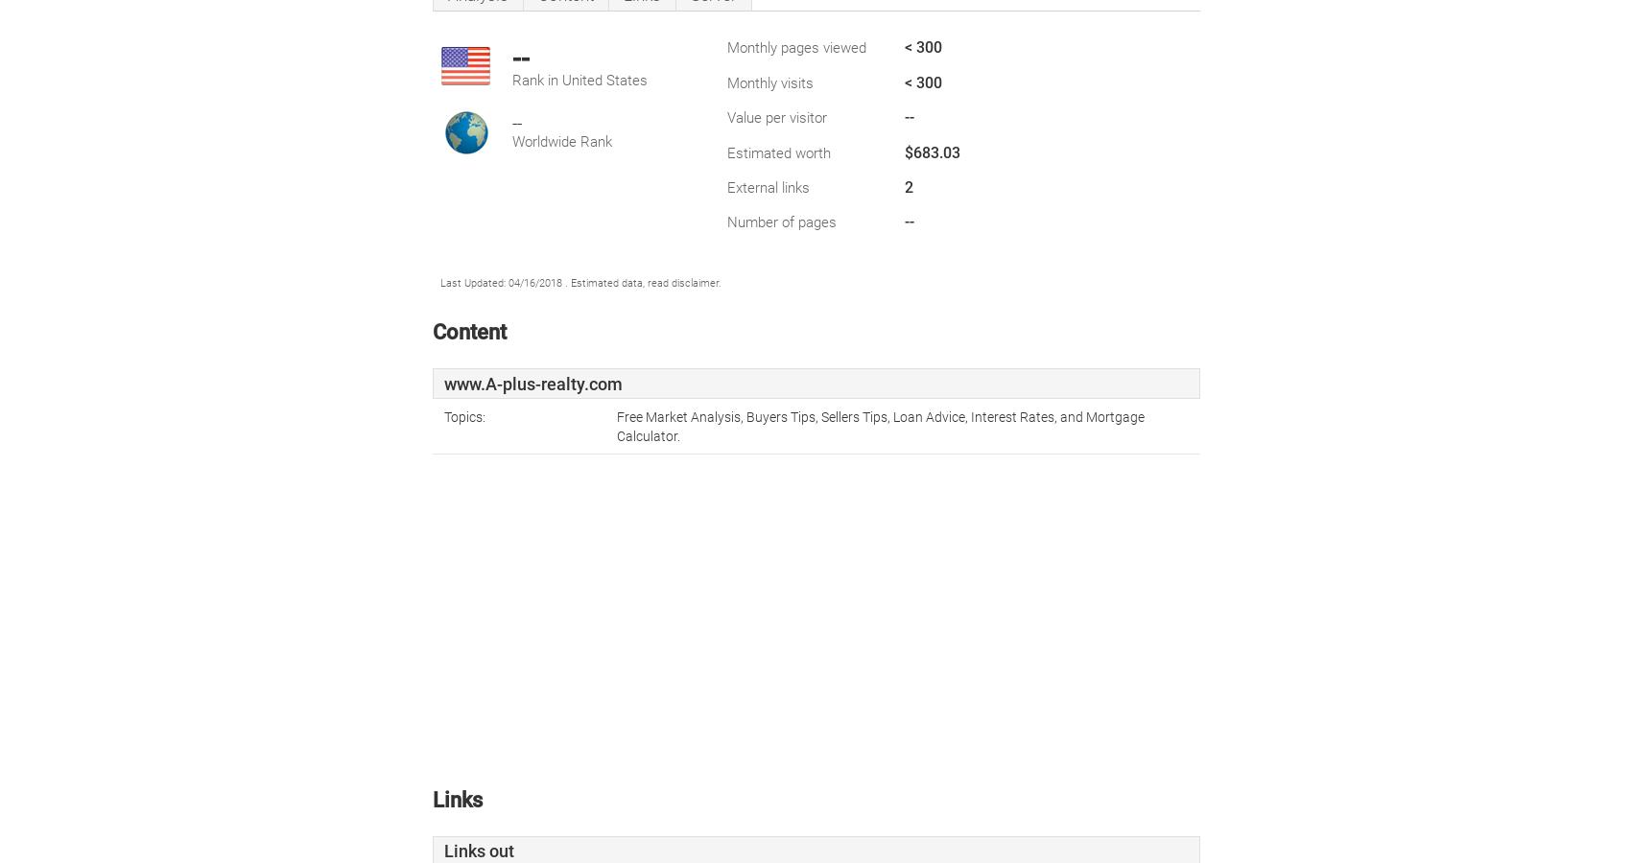  Describe the element at coordinates (795, 47) in the screenshot. I see `'Monthly pages viewed'` at that location.